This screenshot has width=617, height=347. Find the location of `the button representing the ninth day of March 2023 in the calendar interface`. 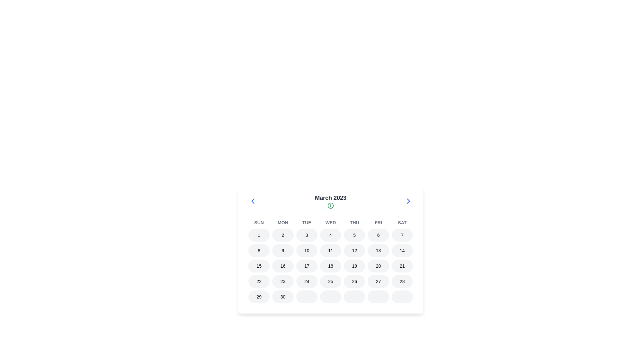

the button representing the ninth day of March 2023 in the calendar interface is located at coordinates (283, 250).